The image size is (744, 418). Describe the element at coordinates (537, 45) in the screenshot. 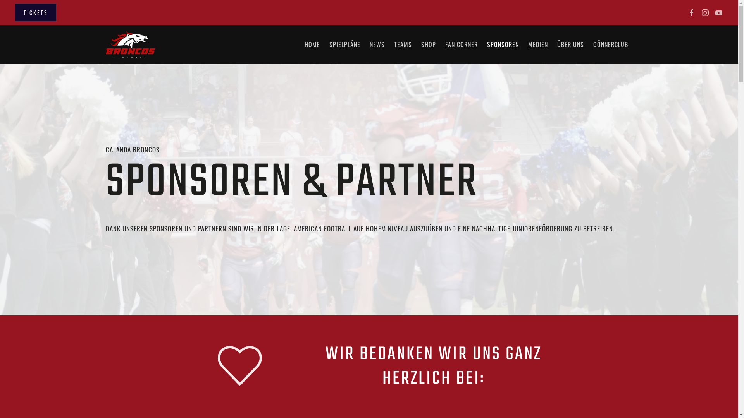

I see `'MEDIEN'` at that location.